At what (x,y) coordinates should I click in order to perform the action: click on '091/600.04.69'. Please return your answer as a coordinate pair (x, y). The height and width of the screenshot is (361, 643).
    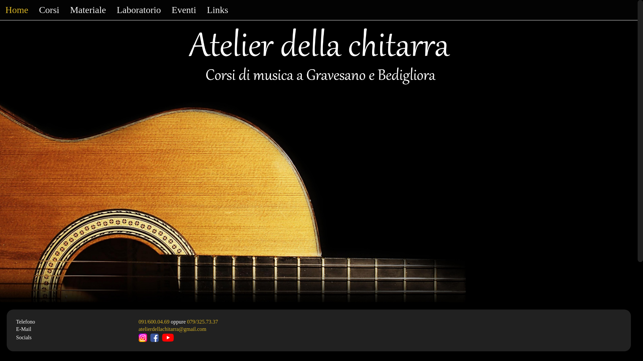
    Looking at the image, I should click on (154, 321).